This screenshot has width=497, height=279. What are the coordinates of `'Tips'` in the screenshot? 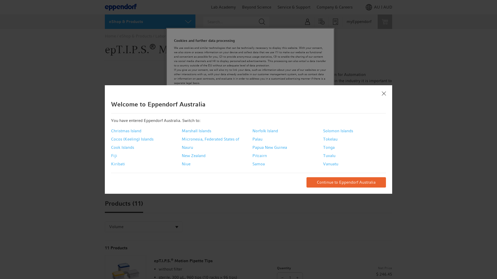 It's located at (208, 36).